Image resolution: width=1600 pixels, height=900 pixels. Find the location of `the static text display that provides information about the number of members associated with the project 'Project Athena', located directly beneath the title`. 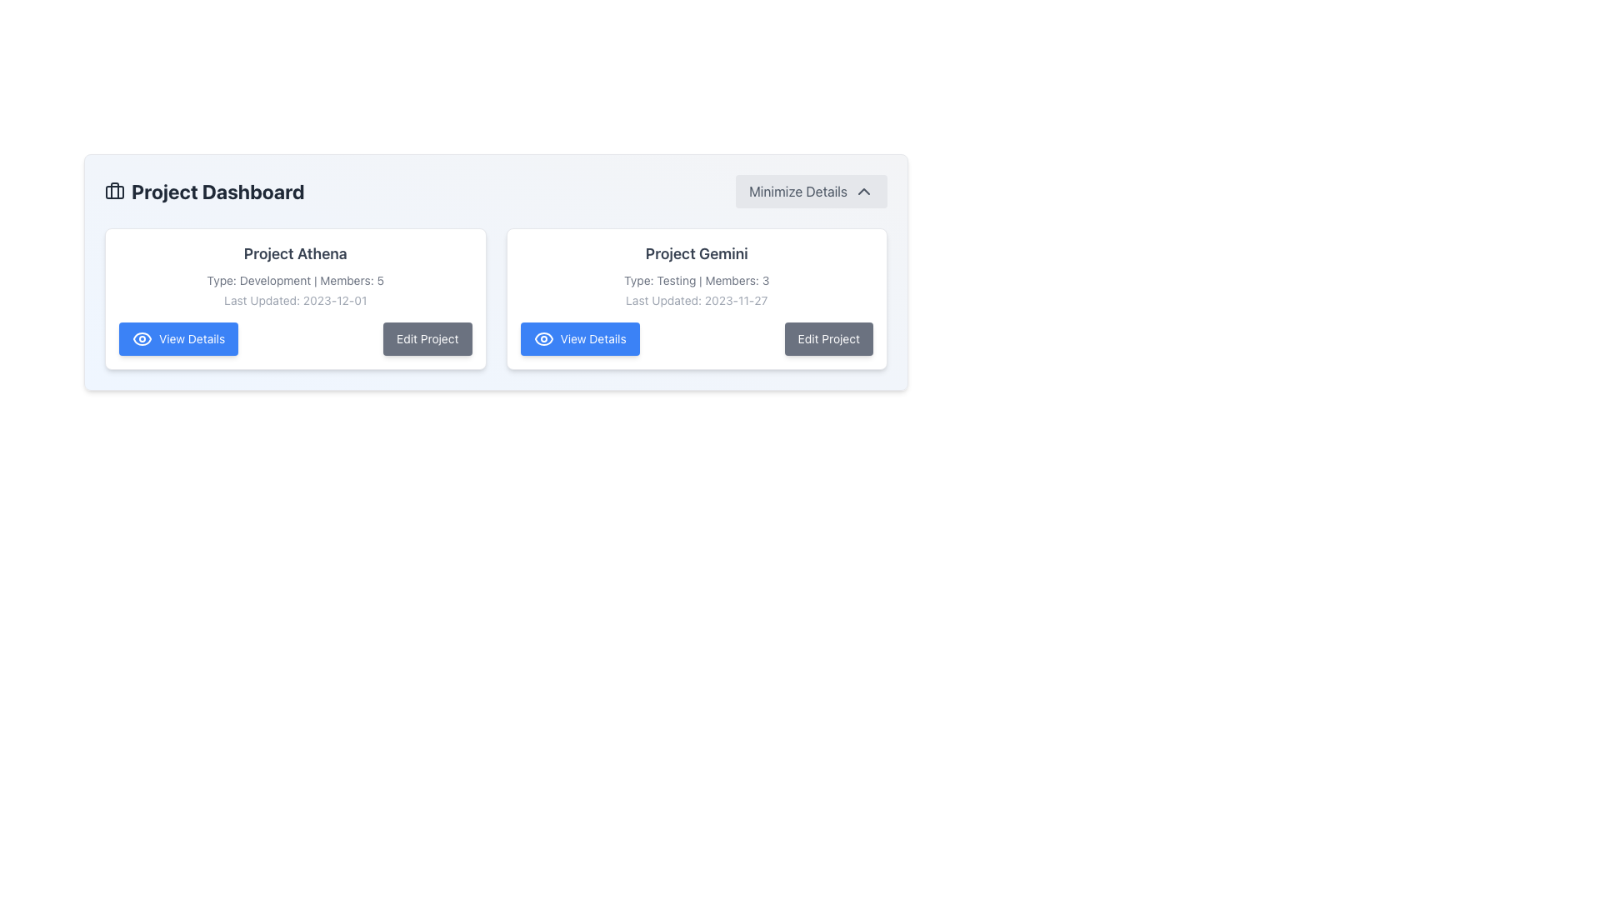

the static text display that provides information about the number of members associated with the project 'Project Athena', located directly beneath the title is located at coordinates (295, 279).